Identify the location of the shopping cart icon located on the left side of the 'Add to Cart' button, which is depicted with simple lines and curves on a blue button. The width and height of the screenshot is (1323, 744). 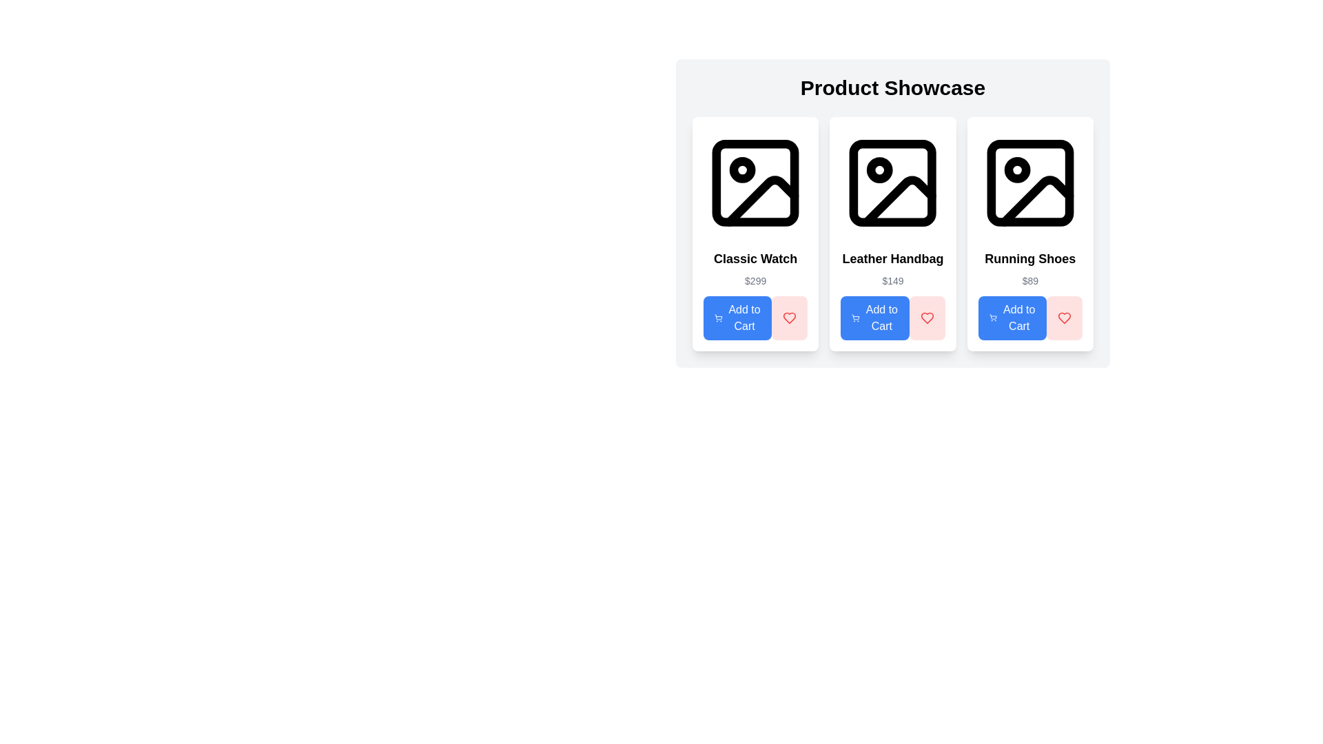
(855, 318).